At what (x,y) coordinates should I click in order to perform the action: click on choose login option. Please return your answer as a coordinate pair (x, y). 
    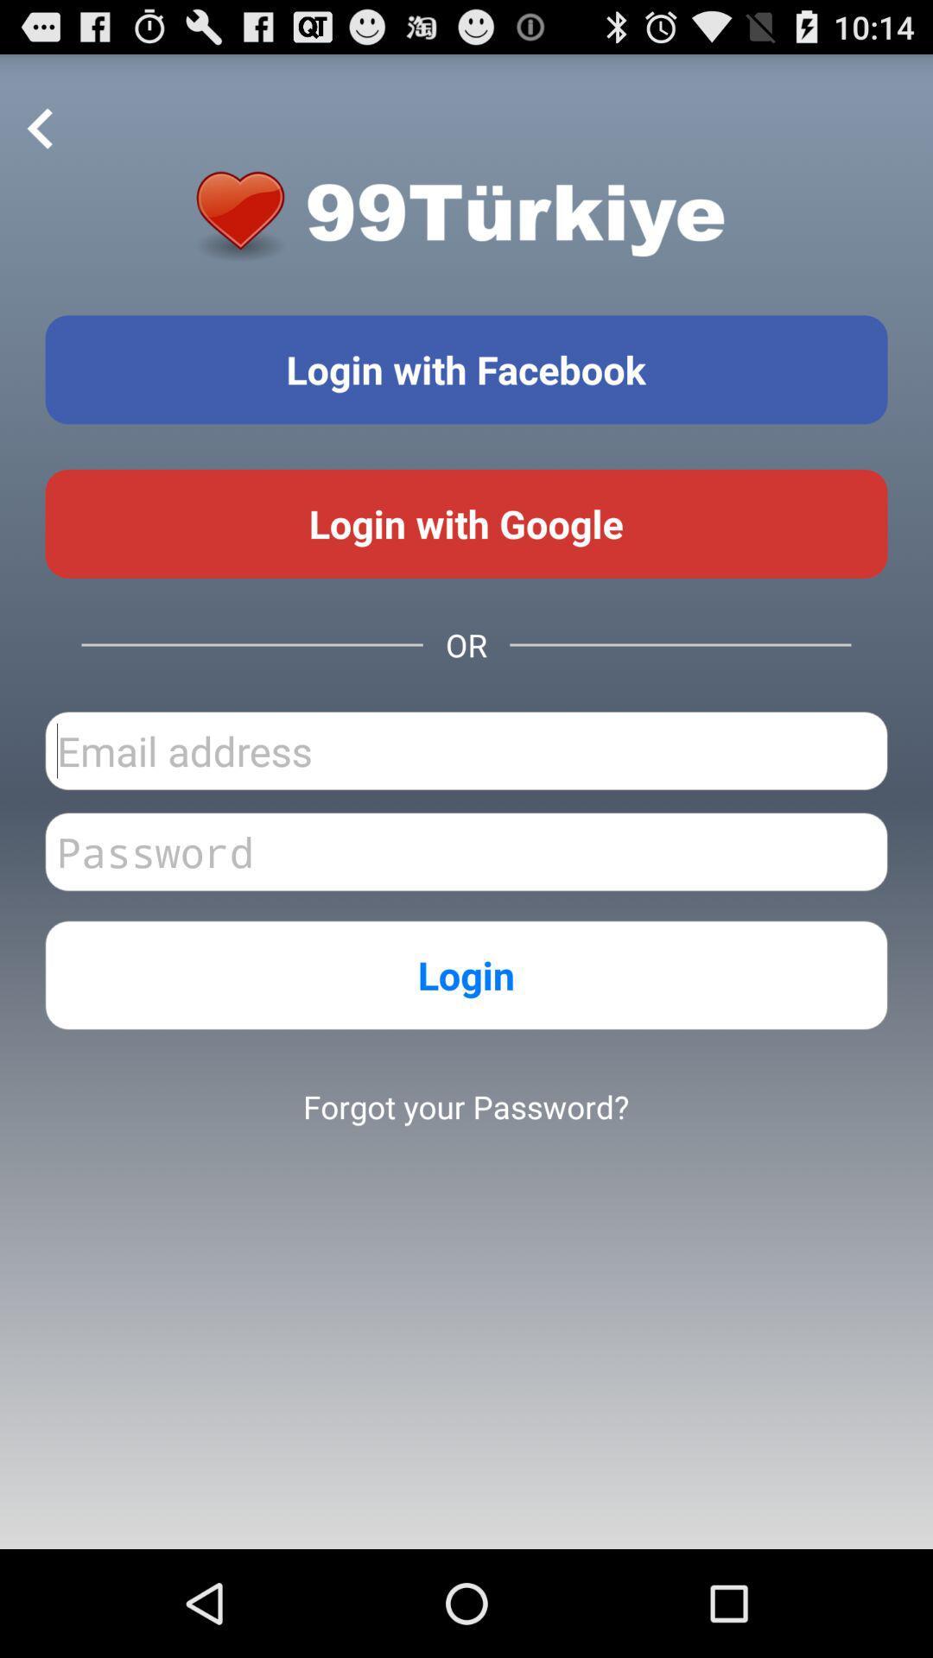
    Looking at the image, I should click on (466, 369).